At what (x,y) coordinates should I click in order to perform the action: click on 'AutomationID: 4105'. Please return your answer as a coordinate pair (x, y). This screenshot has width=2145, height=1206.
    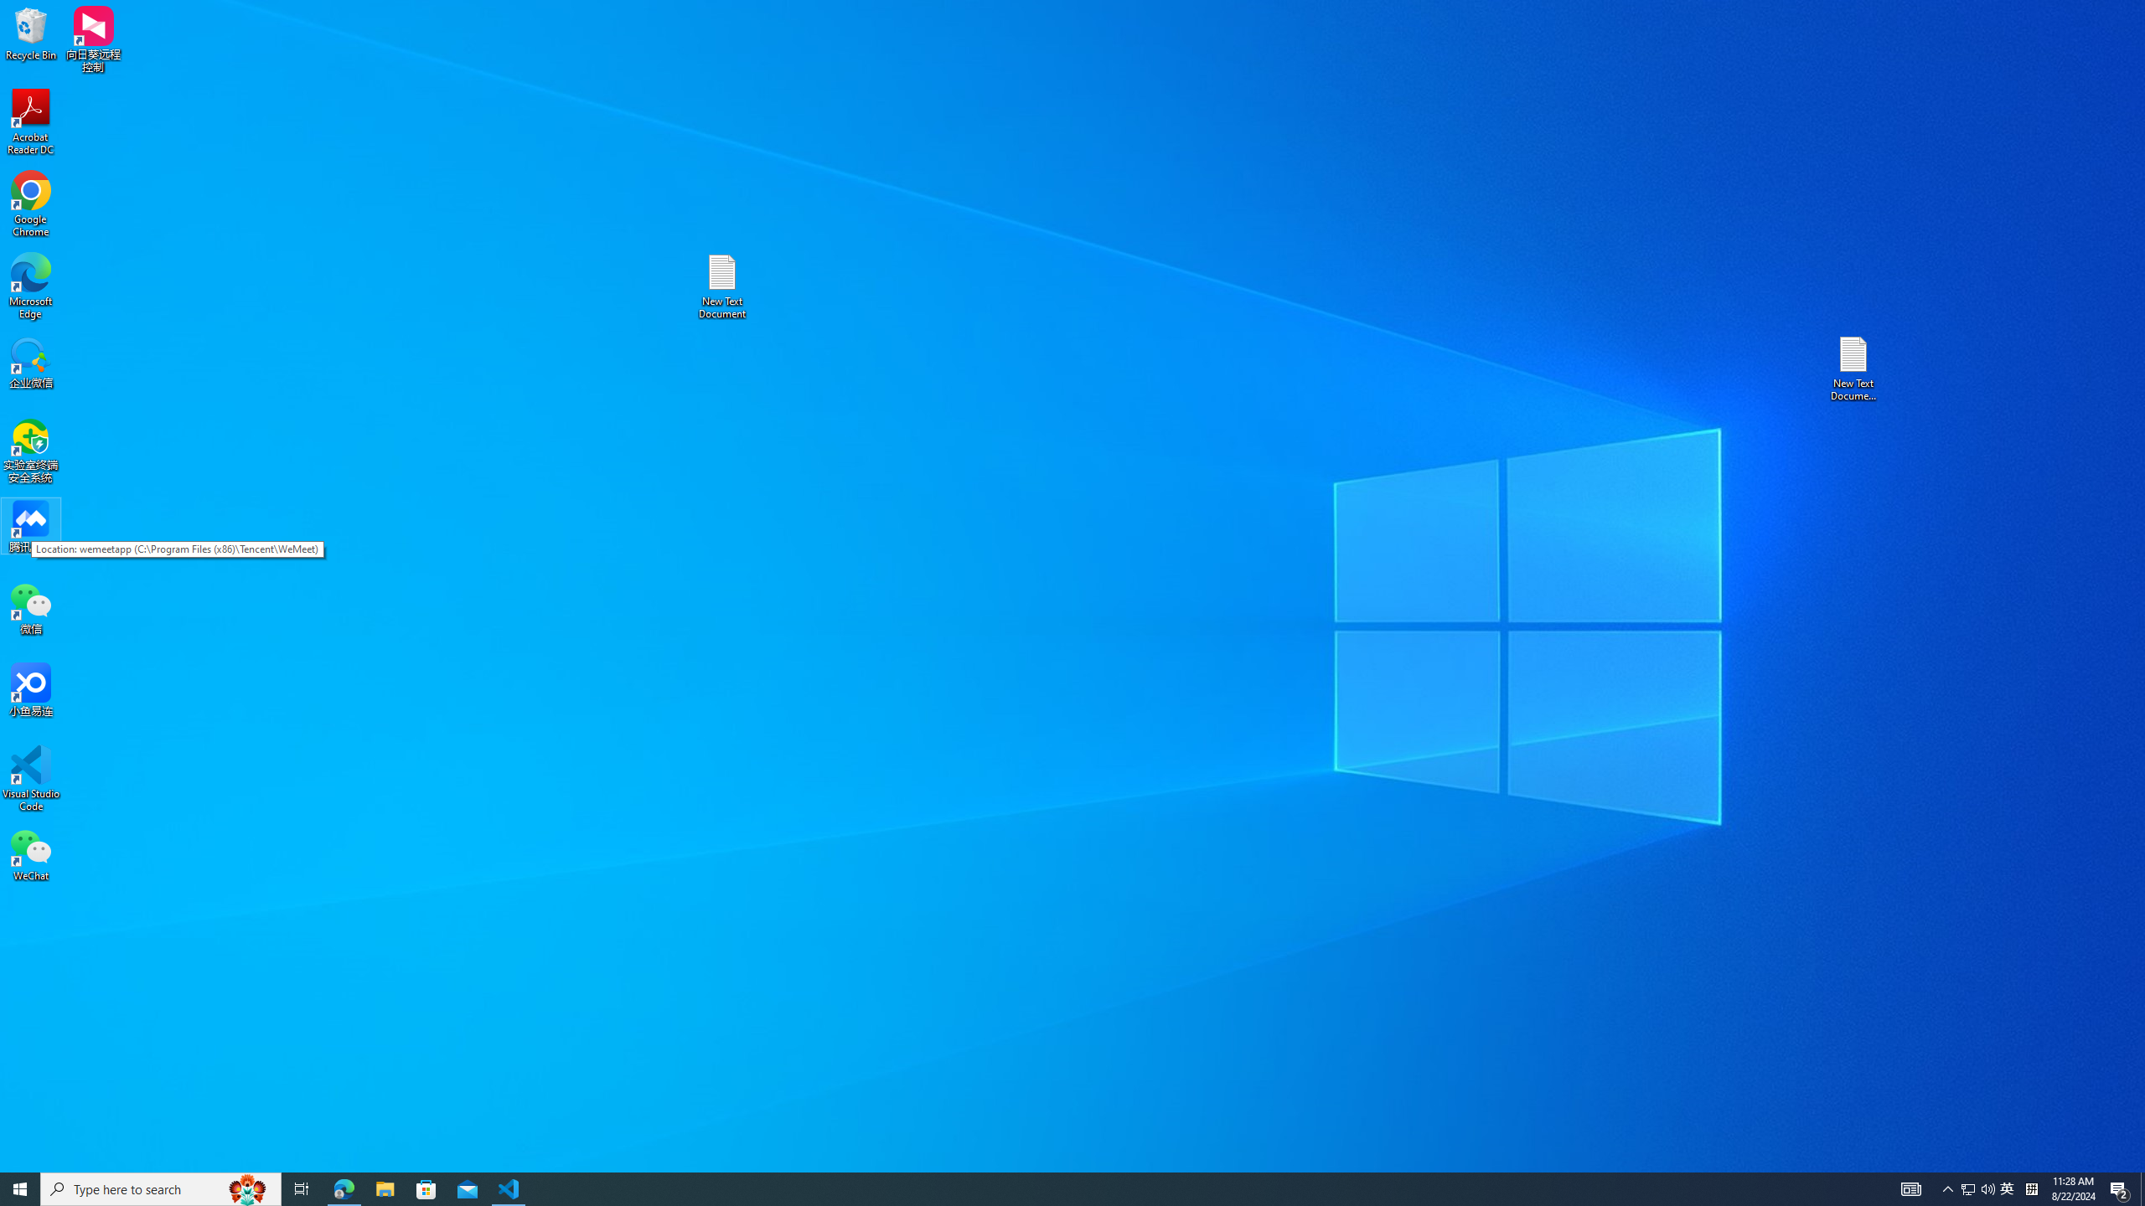
    Looking at the image, I should click on (1910, 1188).